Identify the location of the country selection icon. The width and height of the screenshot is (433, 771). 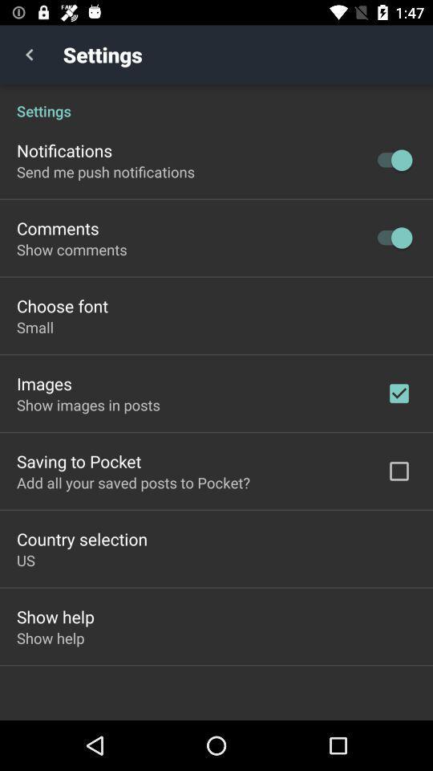
(82, 539).